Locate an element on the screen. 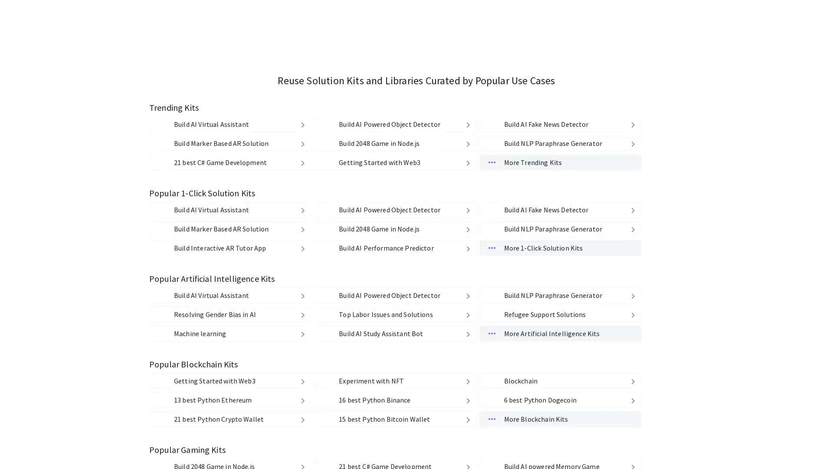  Cloud Functions & API Cloud Functions & API is located at coordinates (563, 256).